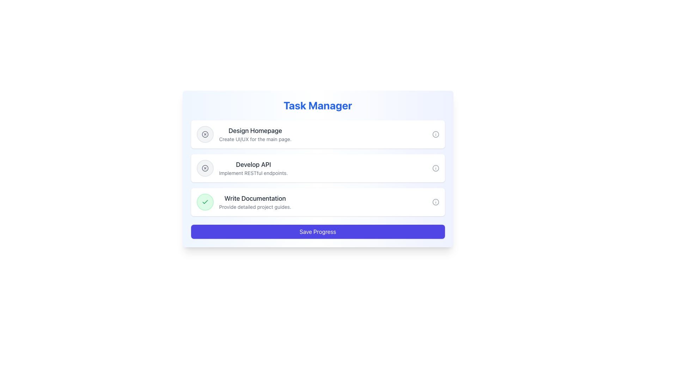 The image size is (677, 381). What do you see at coordinates (255, 199) in the screenshot?
I see `the Text Label that states 'Write Documentation', which is styled in bold and large font, located above the description text of the third task` at bounding box center [255, 199].